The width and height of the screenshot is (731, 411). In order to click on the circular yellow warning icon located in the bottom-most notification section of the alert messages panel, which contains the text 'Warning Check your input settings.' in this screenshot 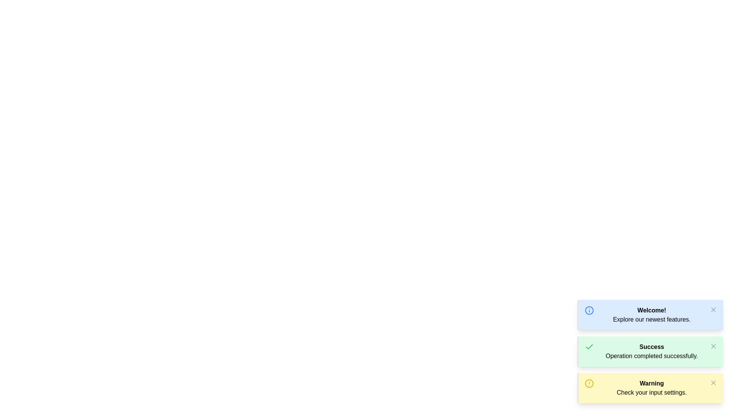, I will do `click(589, 383)`.